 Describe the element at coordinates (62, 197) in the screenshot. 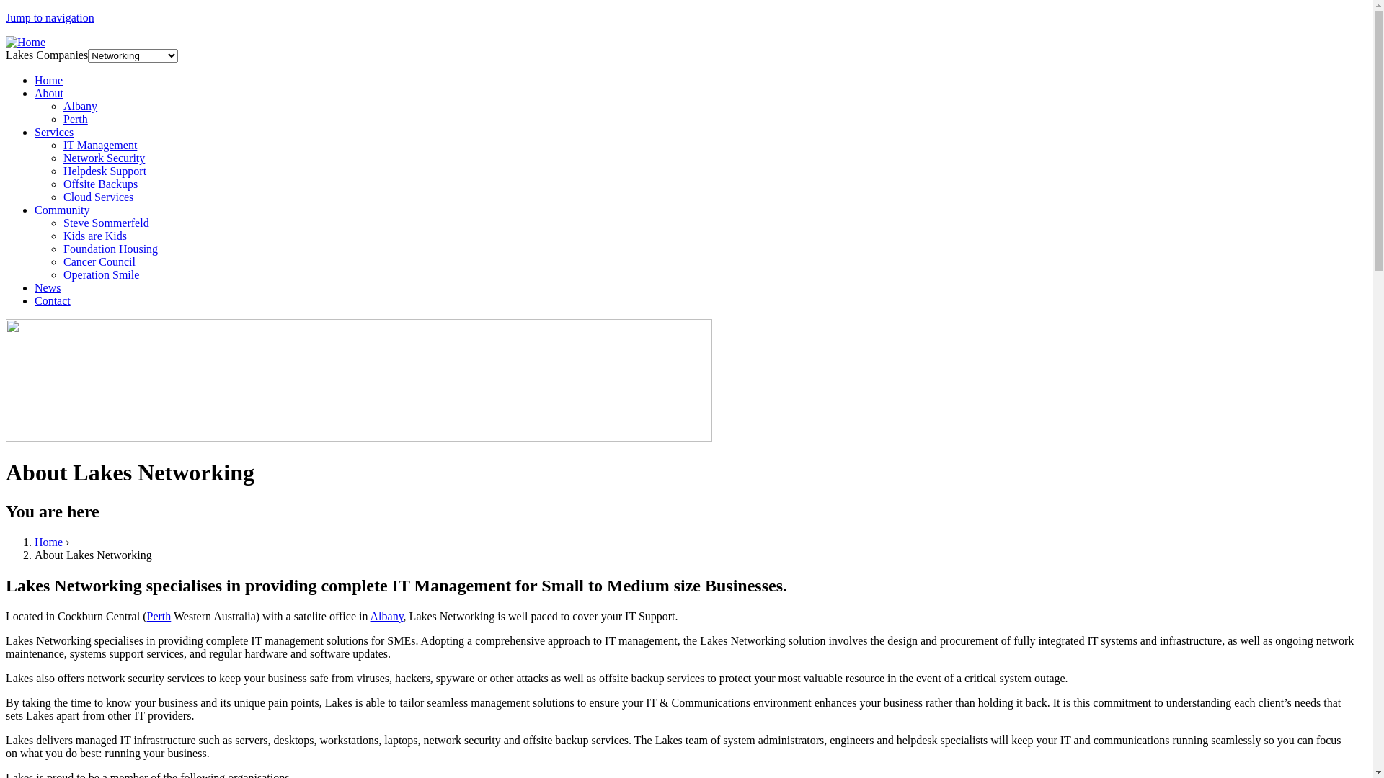

I see `'Cloud Services'` at that location.